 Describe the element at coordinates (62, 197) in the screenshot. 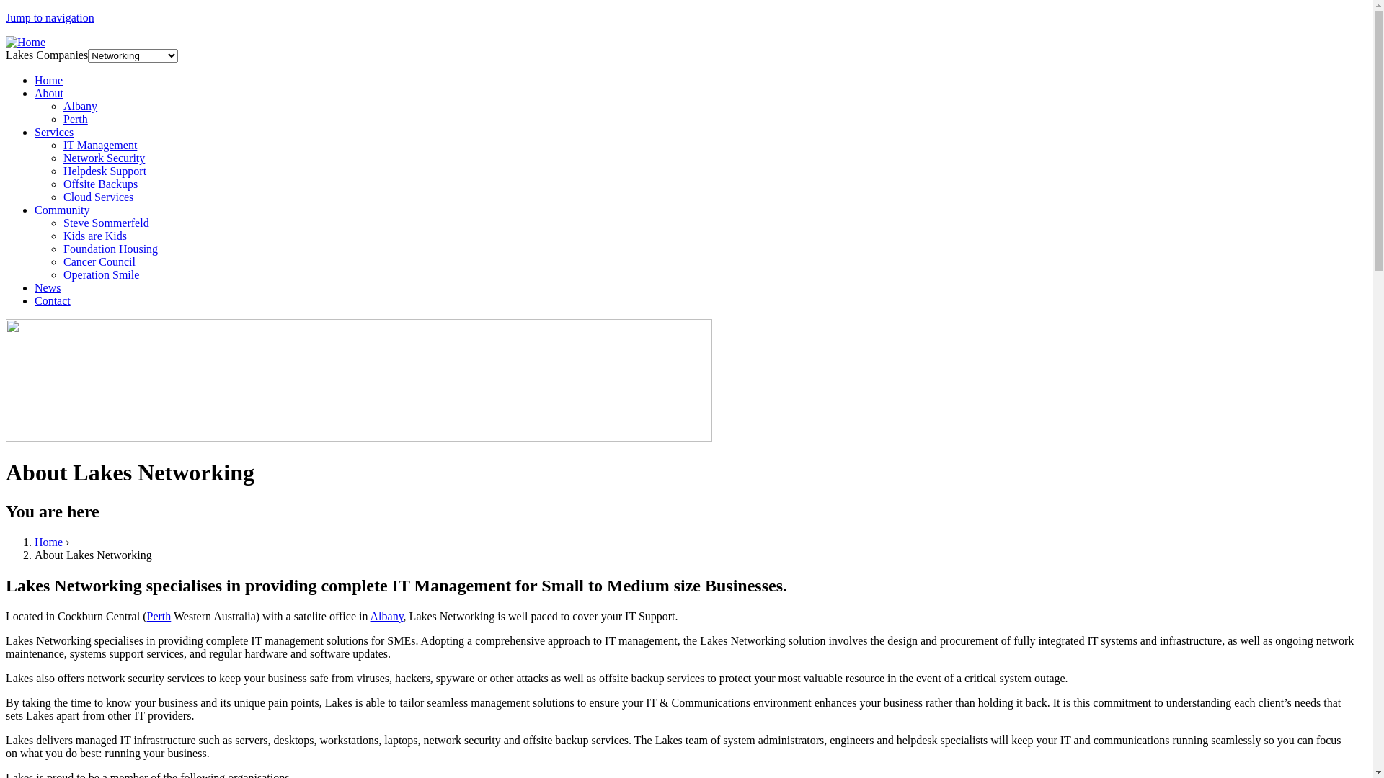

I see `'Cloud Services'` at that location.